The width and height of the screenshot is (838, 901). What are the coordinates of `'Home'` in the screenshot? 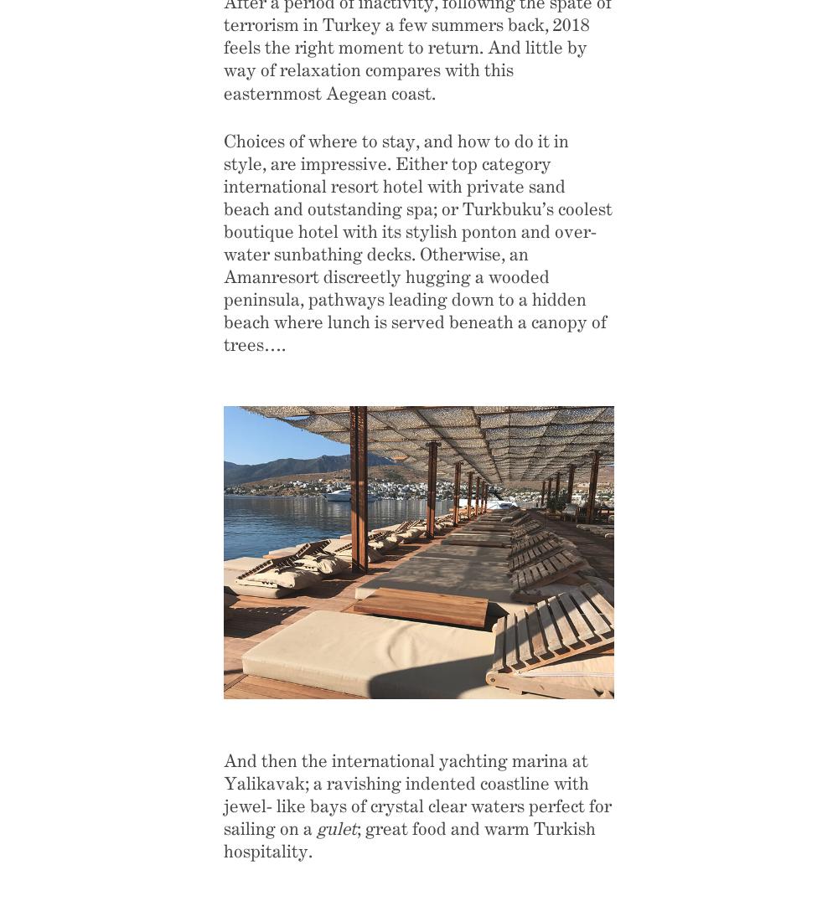 It's located at (83, 64).